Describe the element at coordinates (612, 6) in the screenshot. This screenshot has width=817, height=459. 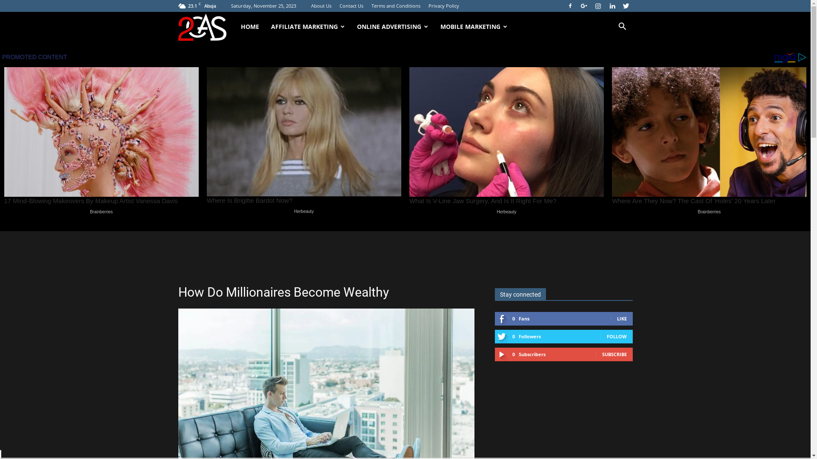
I see `'Linkedin'` at that location.